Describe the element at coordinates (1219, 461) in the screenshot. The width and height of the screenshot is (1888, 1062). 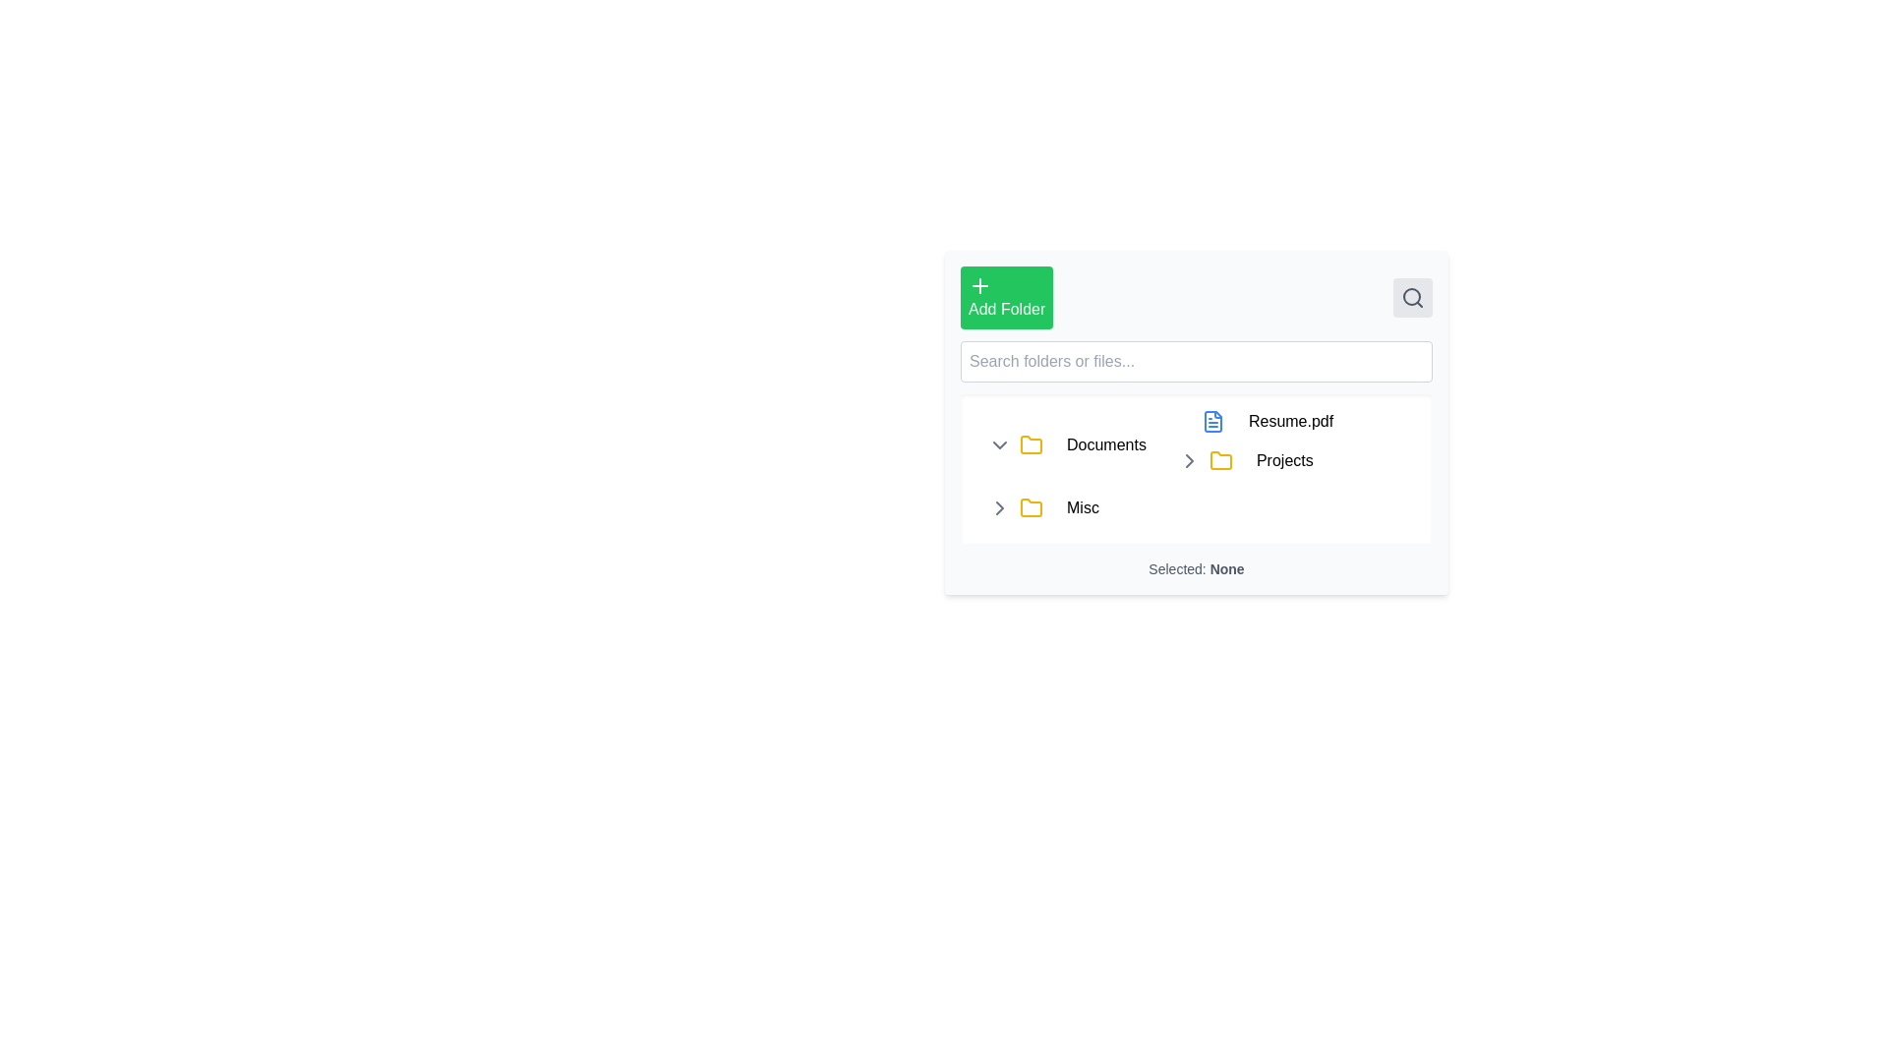
I see `the 'Projects' folder icon located to the left of the text labeled 'Projects' in the file management interface` at that location.